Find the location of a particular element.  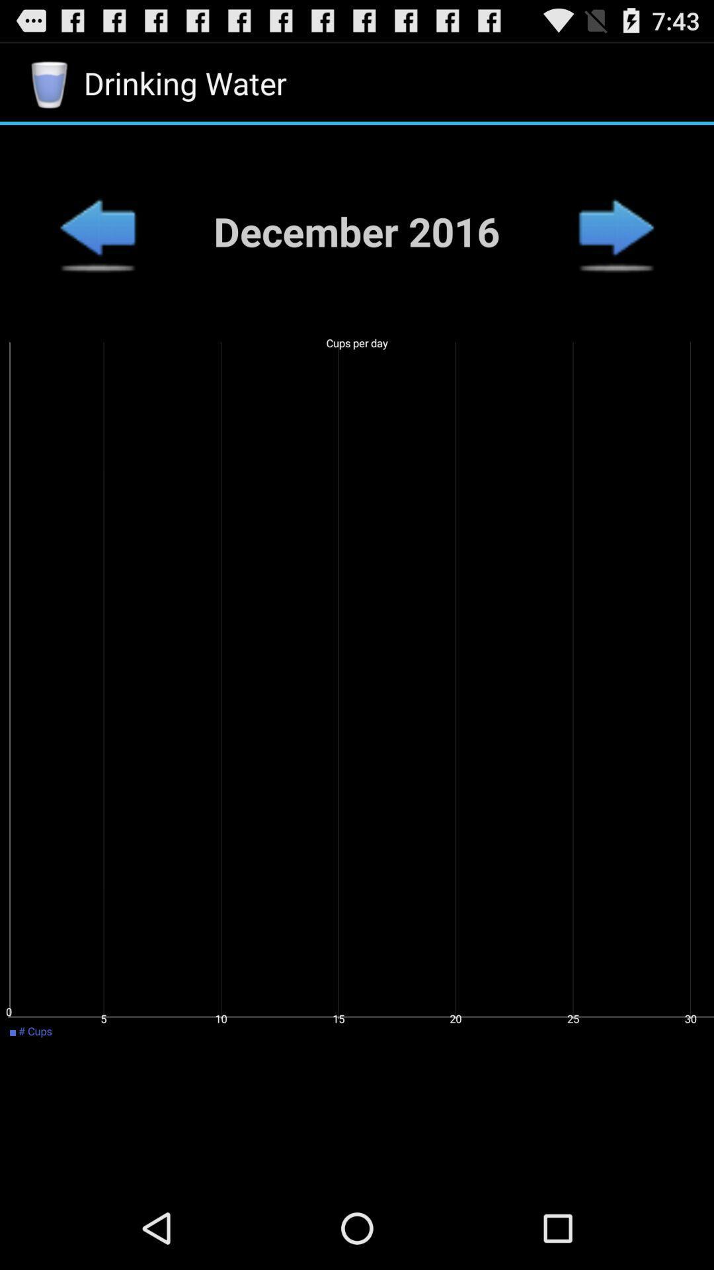

the arrow_backward icon is located at coordinates (97, 247).